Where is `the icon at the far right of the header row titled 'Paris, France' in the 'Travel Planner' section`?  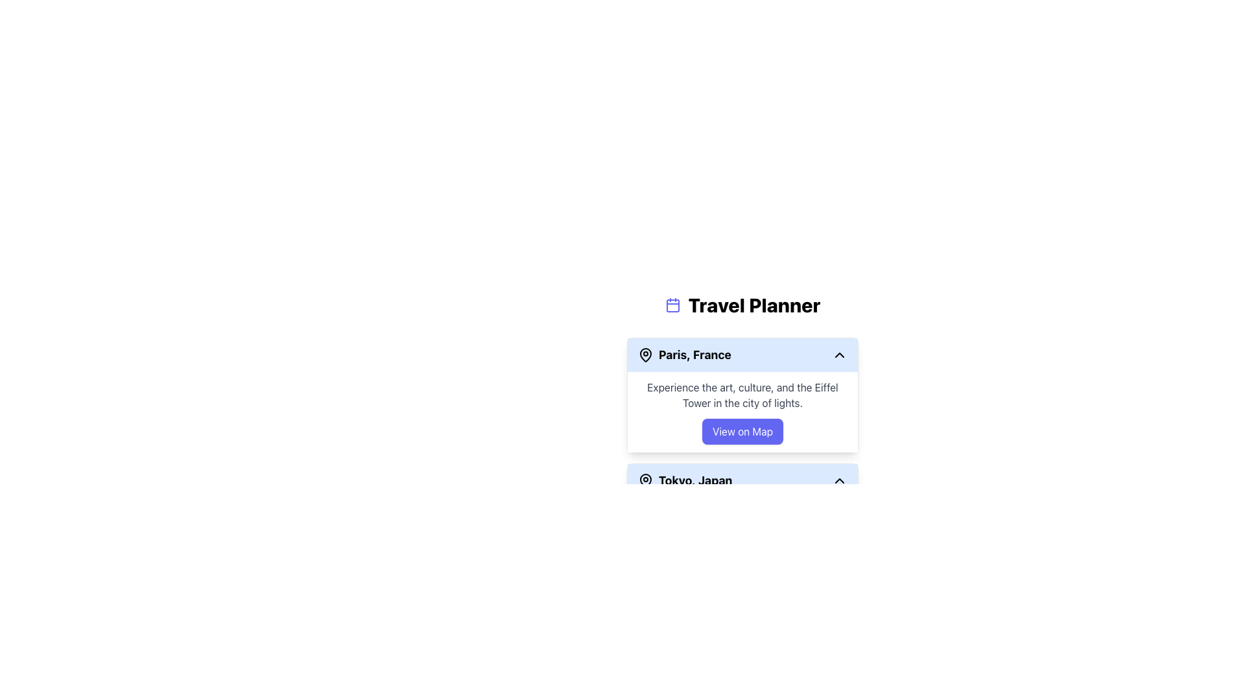
the icon at the far right of the header row titled 'Paris, France' in the 'Travel Planner' section is located at coordinates (840, 355).